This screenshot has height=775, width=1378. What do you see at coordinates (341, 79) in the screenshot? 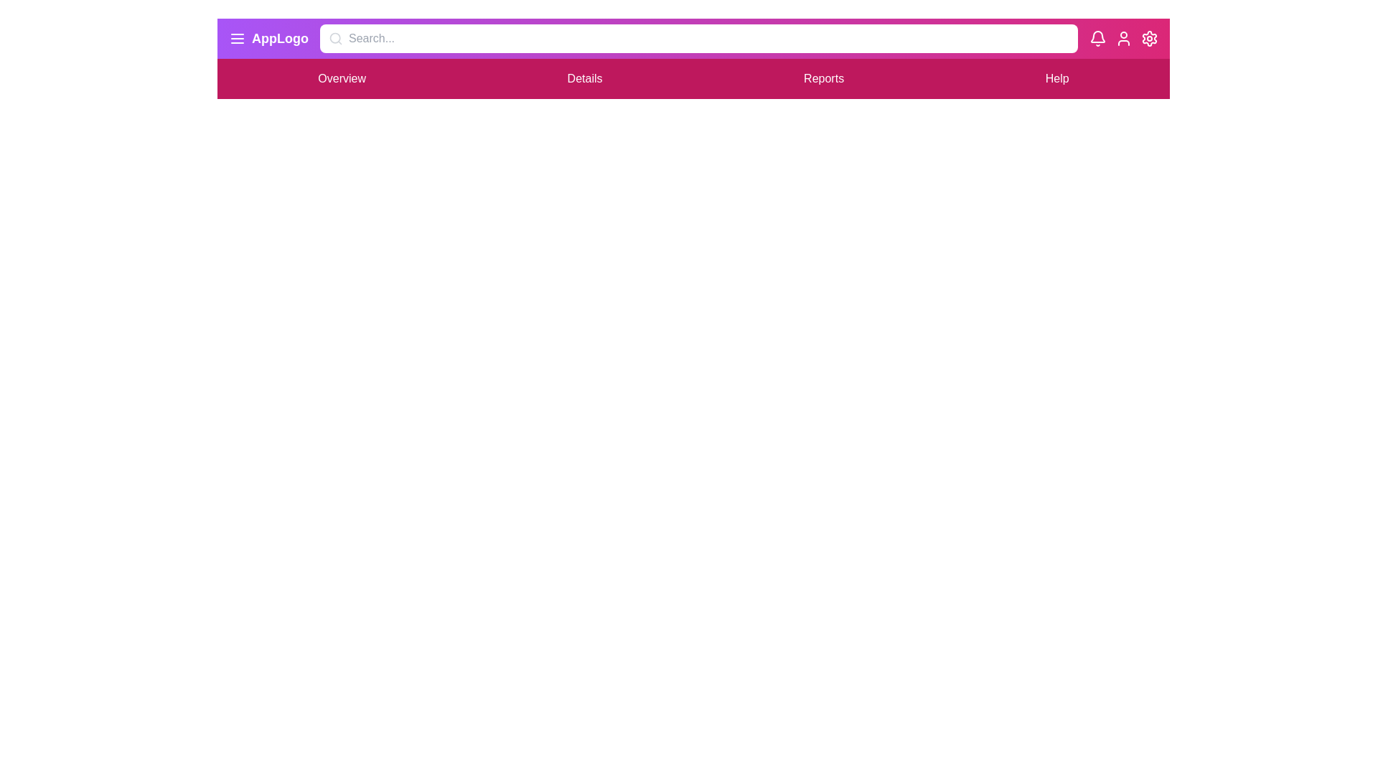
I see `the menu item Overview to navigate` at bounding box center [341, 79].